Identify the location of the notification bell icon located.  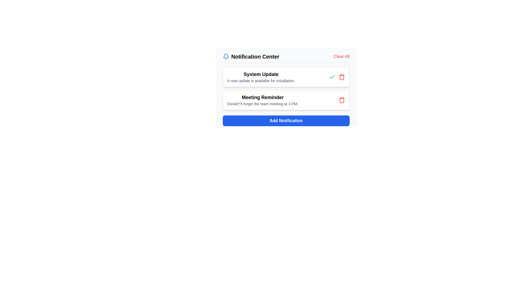
(226, 56).